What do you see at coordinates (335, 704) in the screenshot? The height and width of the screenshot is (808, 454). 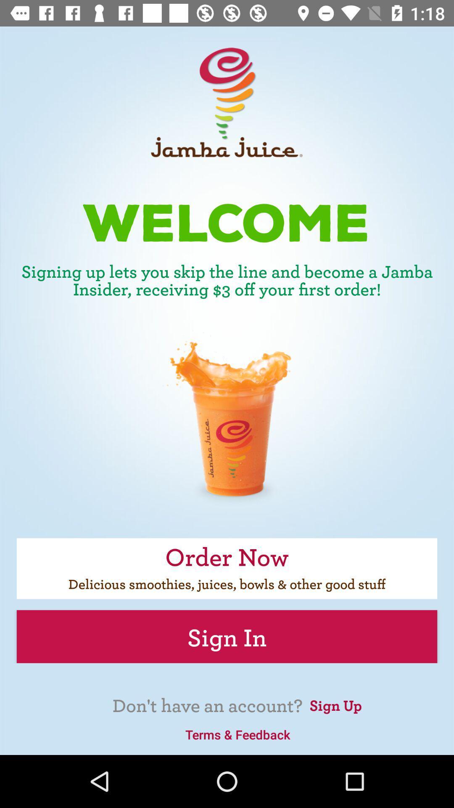 I see `the icon below sign in` at bounding box center [335, 704].